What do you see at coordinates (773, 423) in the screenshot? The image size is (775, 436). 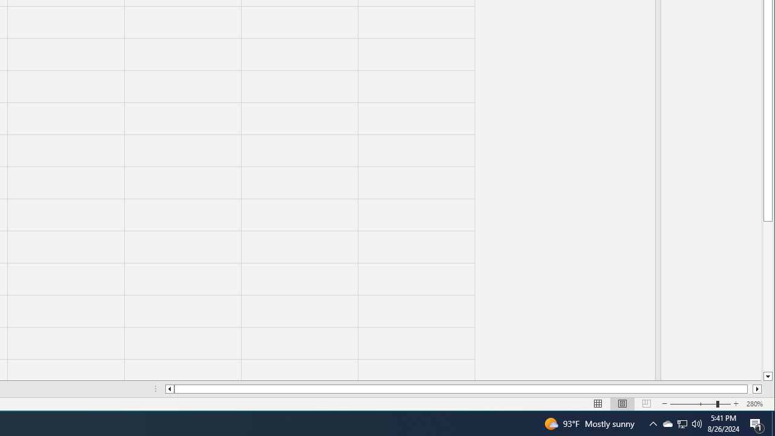 I see `'Show desktop'` at bounding box center [773, 423].